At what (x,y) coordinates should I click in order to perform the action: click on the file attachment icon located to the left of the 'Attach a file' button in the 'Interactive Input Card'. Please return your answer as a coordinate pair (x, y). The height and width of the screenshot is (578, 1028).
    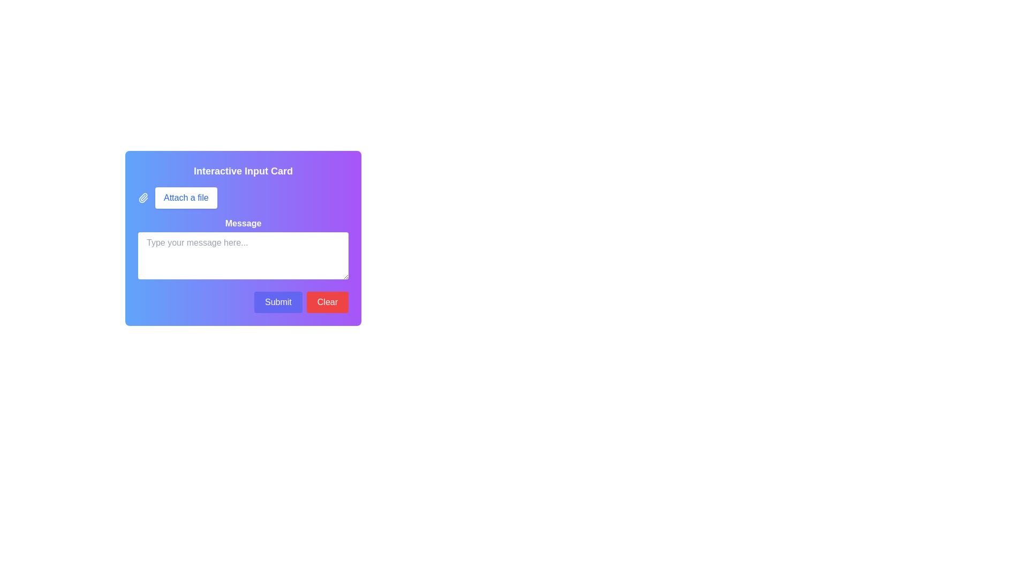
    Looking at the image, I should click on (142, 198).